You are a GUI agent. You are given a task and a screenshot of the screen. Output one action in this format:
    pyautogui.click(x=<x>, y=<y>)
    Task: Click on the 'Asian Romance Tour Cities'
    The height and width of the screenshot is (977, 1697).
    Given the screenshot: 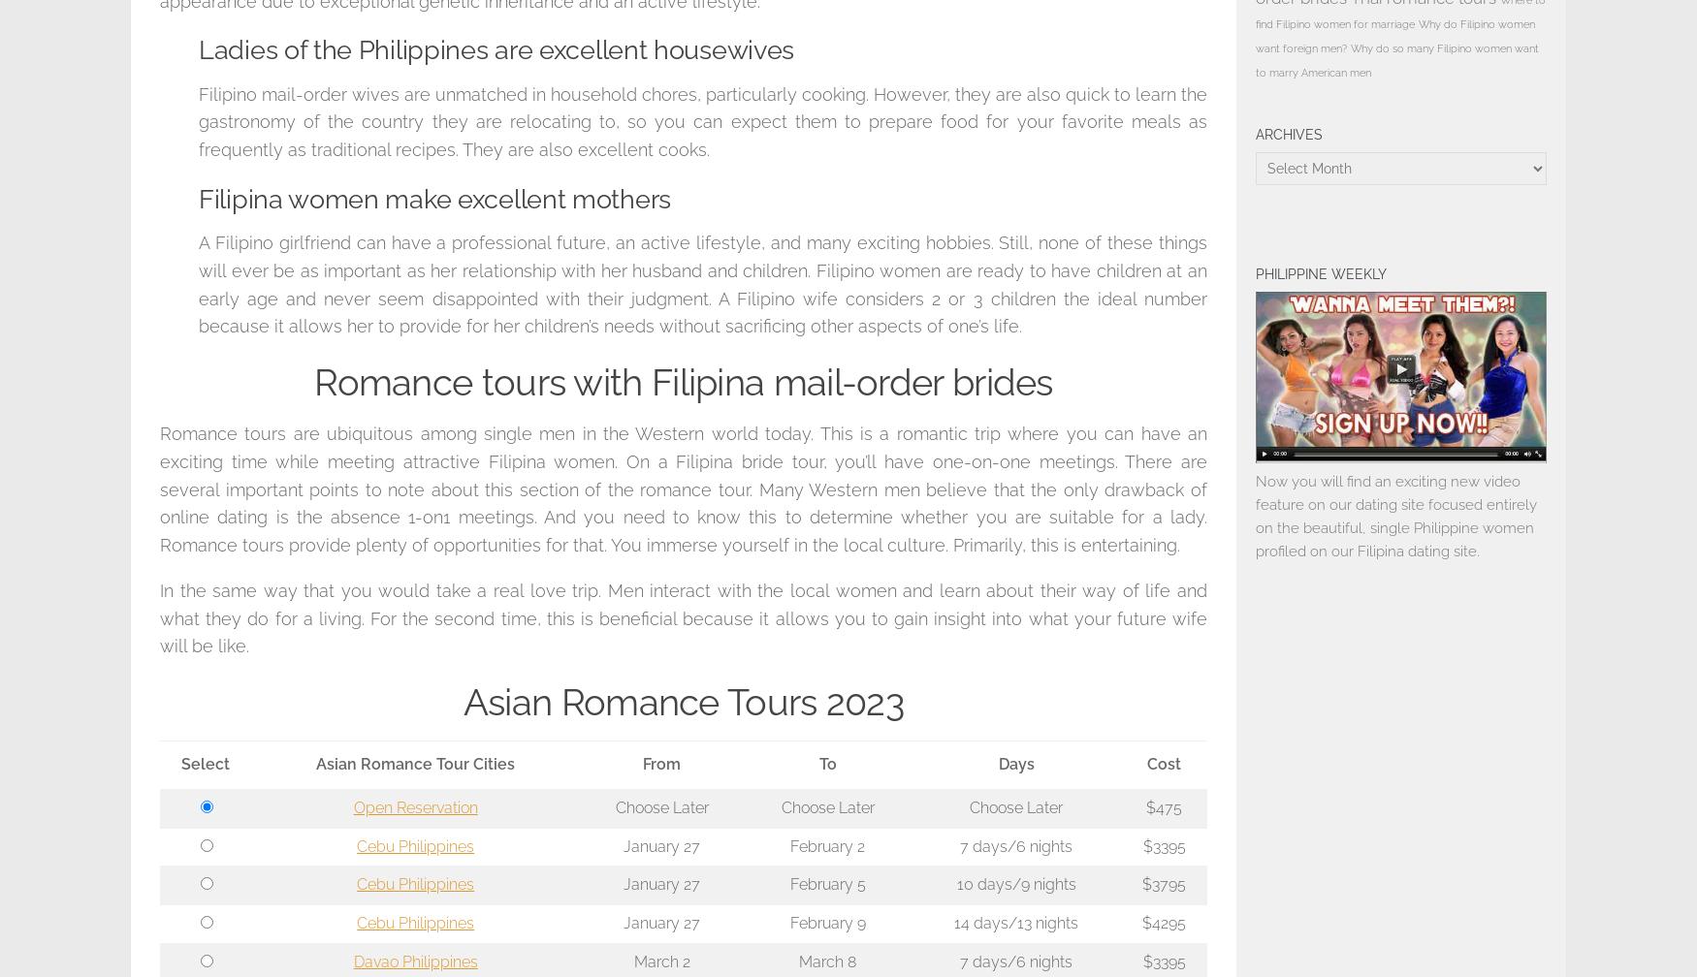 What is the action you would take?
    pyautogui.click(x=414, y=764)
    